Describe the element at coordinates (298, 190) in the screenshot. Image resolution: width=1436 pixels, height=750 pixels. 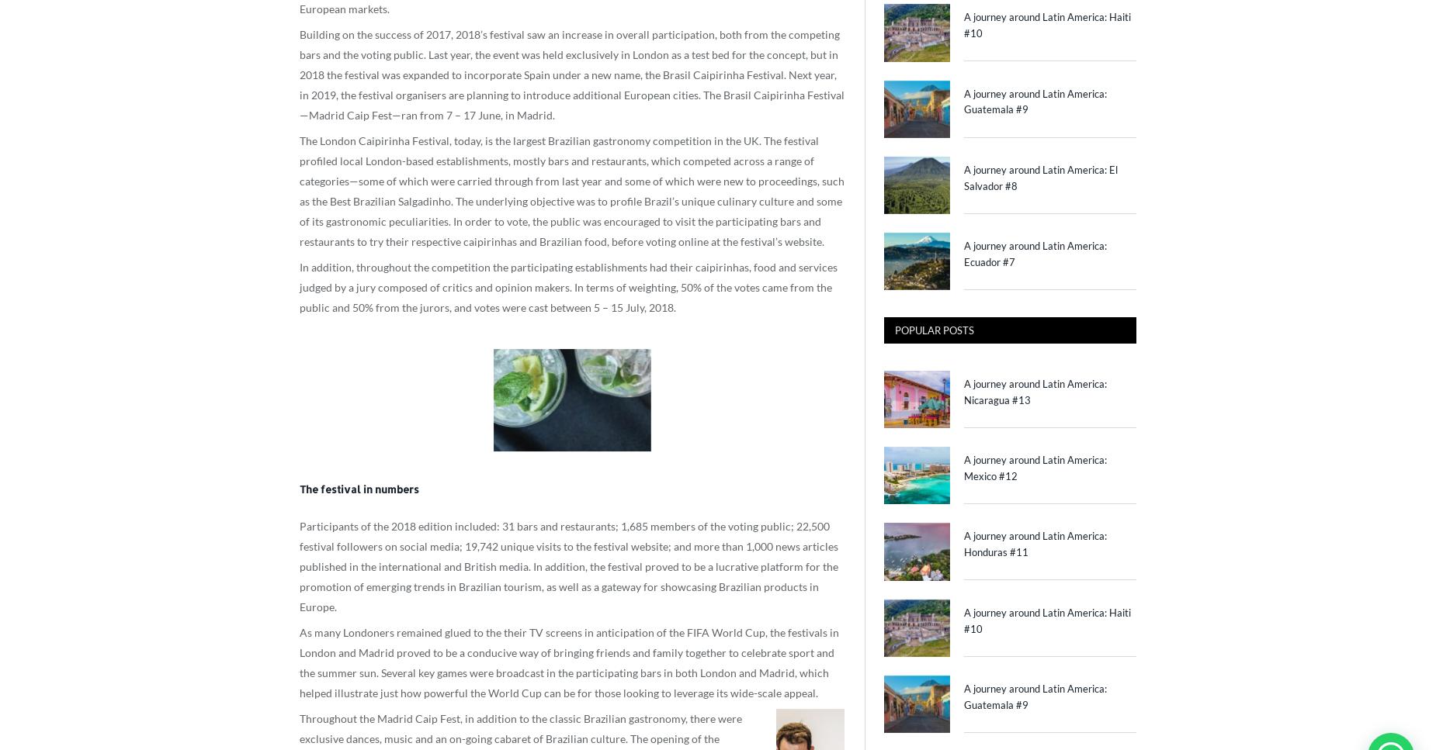
I see `'The London Caipirinha Festival, today, is the largest Brazilian gastronomy competition in the UK. The festival profiled local London-based establishments, mostly bars and restaurants, which competed across a range of categories—some of which were carried through from last year and some of which were new to proceedings, such as the Best Brazilian Salgadinho. The underlying objective was to profile Brazil’s unique culinary culture and some of its gastronomic peculiarities. In order to vote, the public was encouraged to visit the participating bars and restaurants to try their respective caipirinhas and Brazilian food, before voting online at the festival’s website.'` at that location.